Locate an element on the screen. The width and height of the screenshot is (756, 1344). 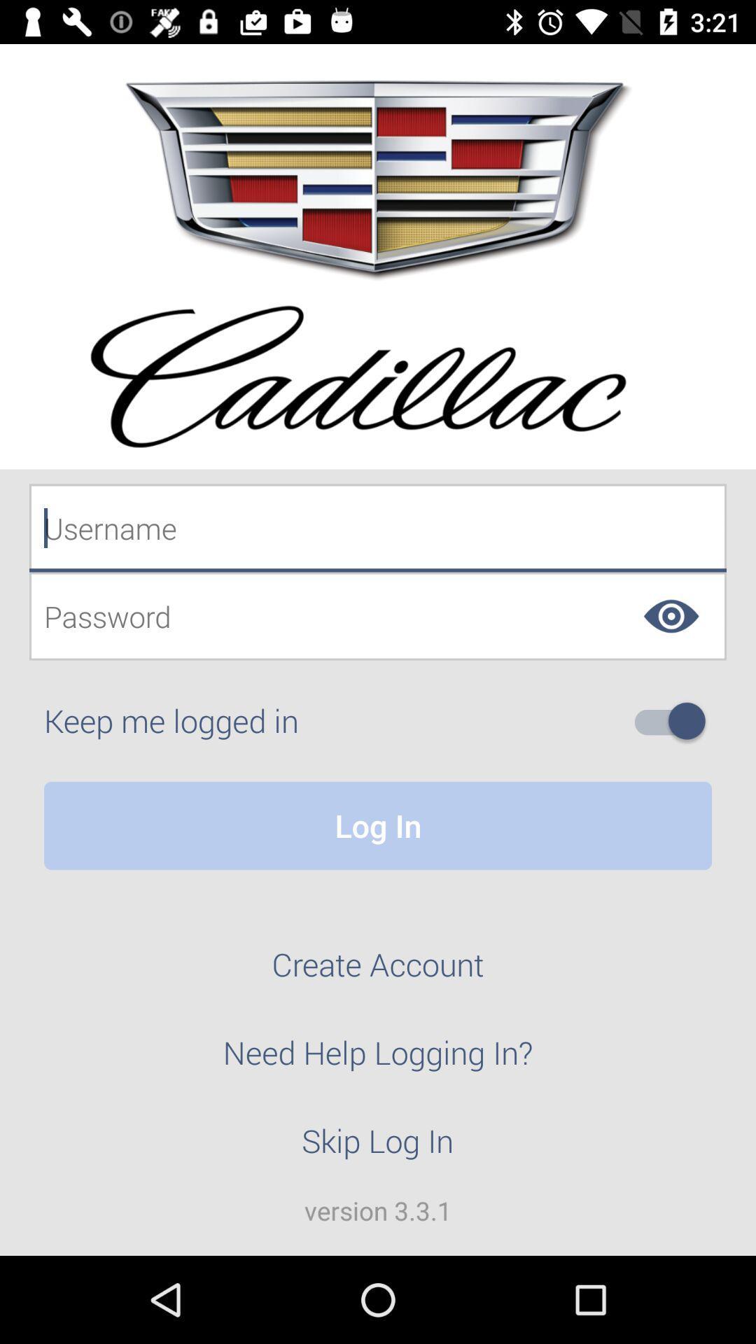
icon next to the keep me logged item is located at coordinates (675, 721).